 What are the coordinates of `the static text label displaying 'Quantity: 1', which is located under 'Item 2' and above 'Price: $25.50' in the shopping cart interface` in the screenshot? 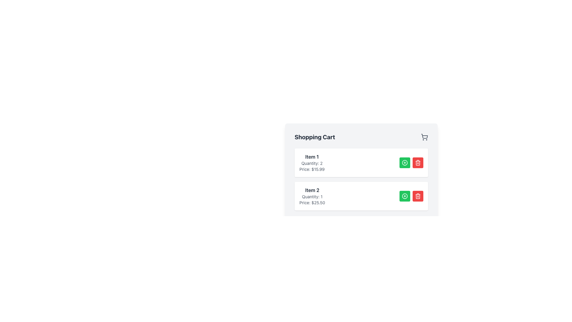 It's located at (312, 196).